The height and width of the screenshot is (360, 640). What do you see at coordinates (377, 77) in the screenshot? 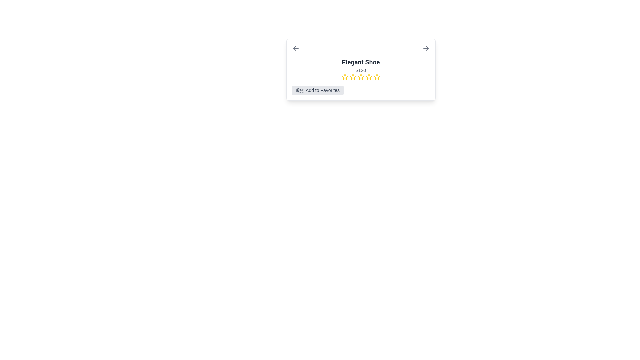
I see `the fifth star icon in the star rating system located below the product name 'Elegant Shoe' and price '$120'` at bounding box center [377, 77].